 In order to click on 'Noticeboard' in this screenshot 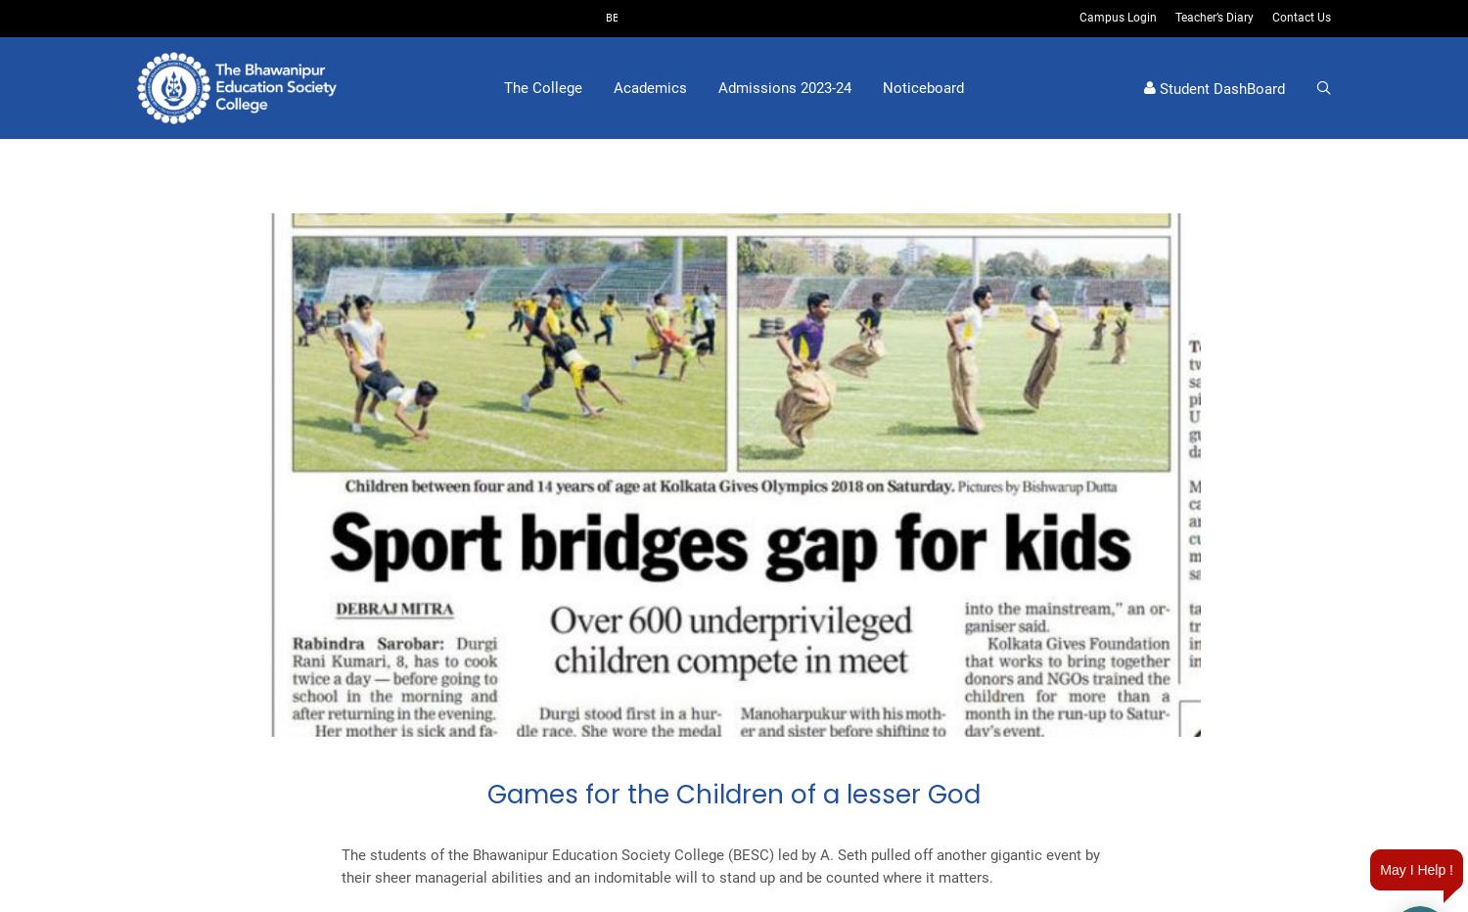, I will do `click(922, 92)`.